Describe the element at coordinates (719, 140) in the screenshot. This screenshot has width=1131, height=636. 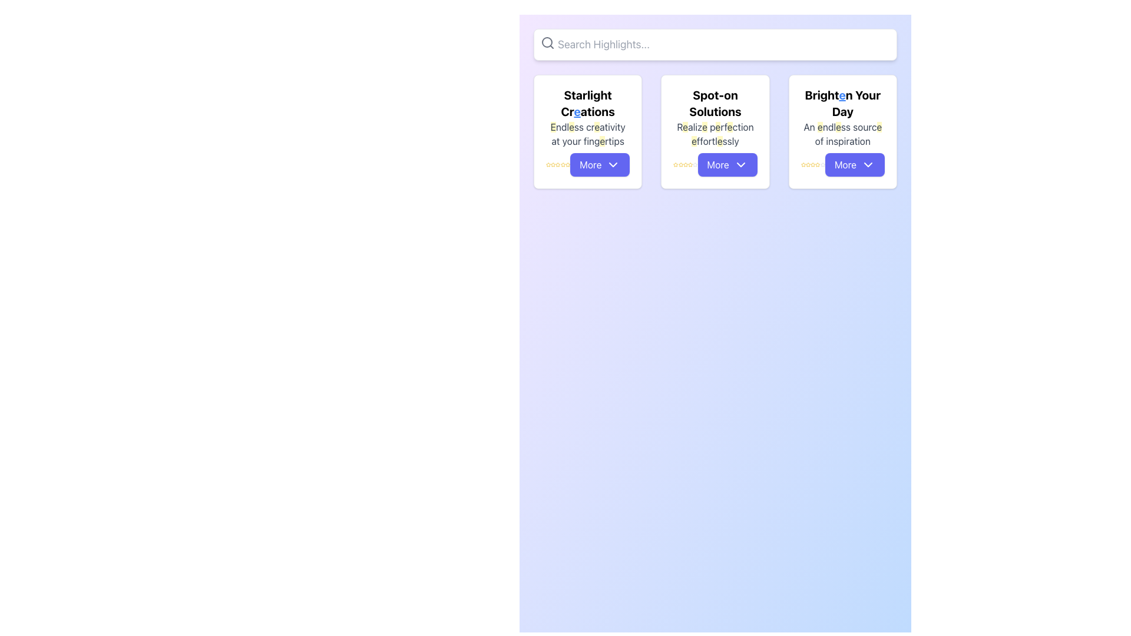
I see `the last highlighted 'e' in the word 'effortlessly' within the middle card titled 'Spot-on Solutions'` at that location.